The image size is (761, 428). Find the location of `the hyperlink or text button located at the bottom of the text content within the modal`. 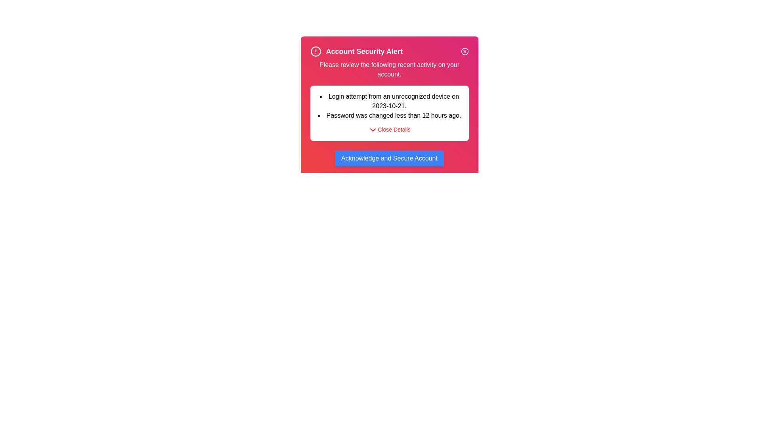

the hyperlink or text button located at the bottom of the text content within the modal is located at coordinates (389, 129).